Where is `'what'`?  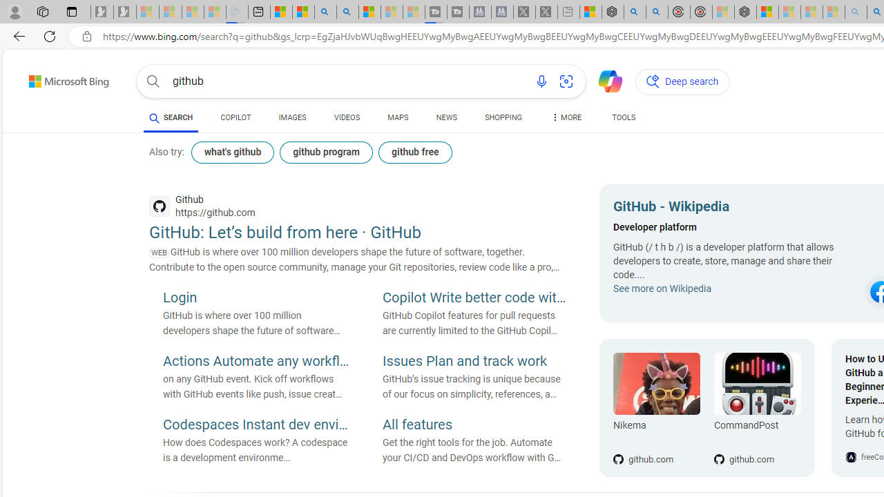 'what' is located at coordinates (233, 153).